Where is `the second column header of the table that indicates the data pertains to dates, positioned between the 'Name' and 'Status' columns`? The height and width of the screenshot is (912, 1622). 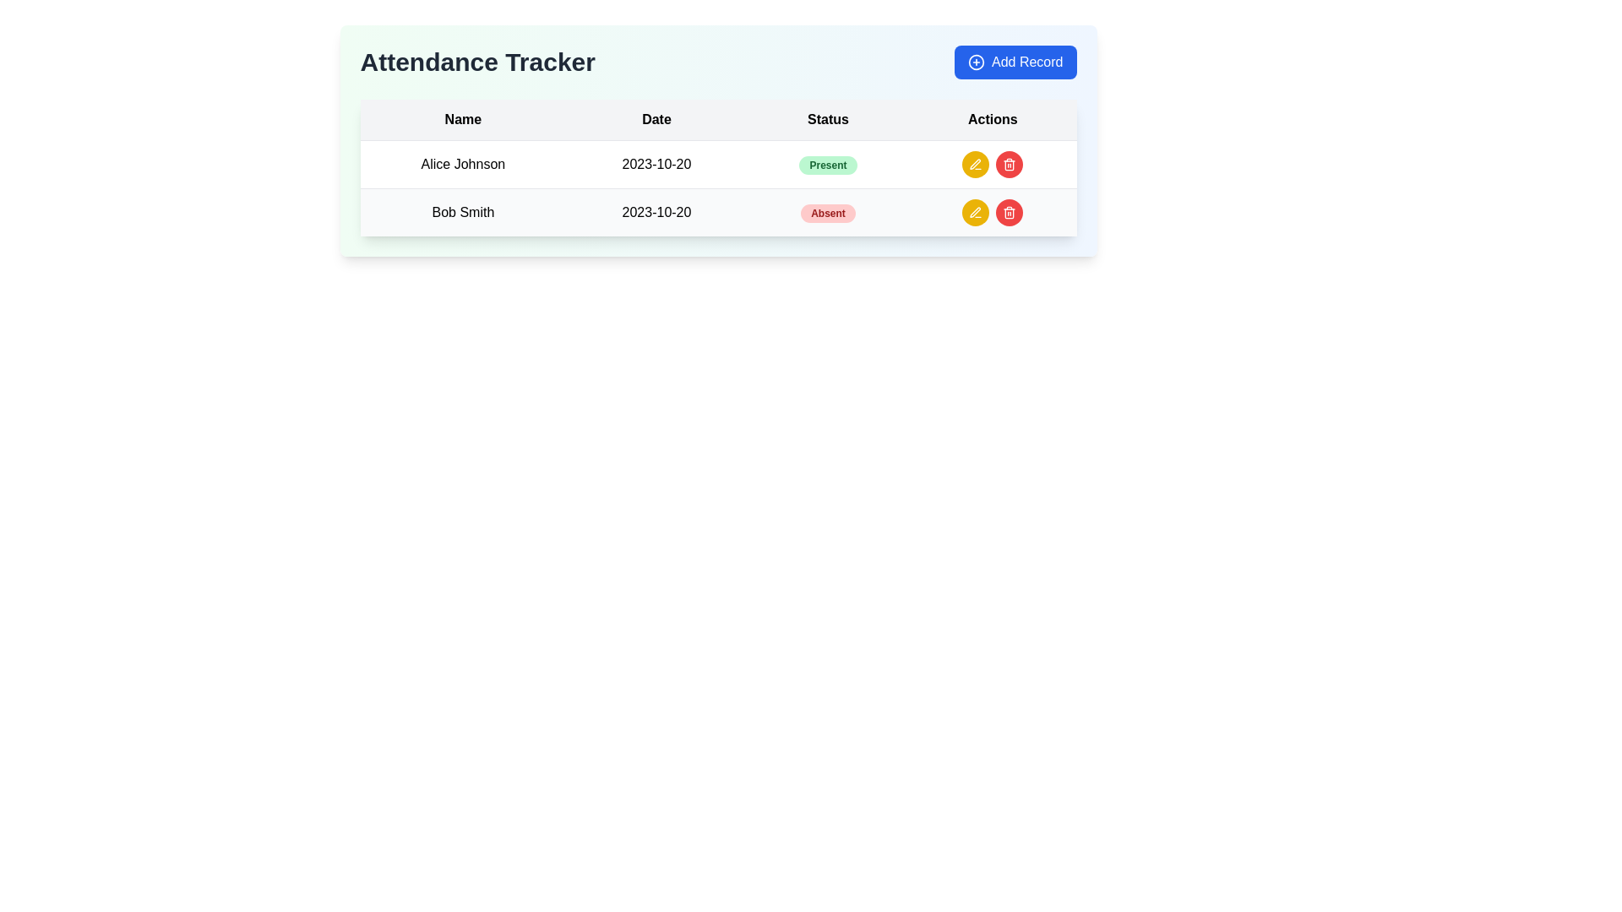 the second column header of the table that indicates the data pertains to dates, positioned between the 'Name' and 'Status' columns is located at coordinates (656, 119).